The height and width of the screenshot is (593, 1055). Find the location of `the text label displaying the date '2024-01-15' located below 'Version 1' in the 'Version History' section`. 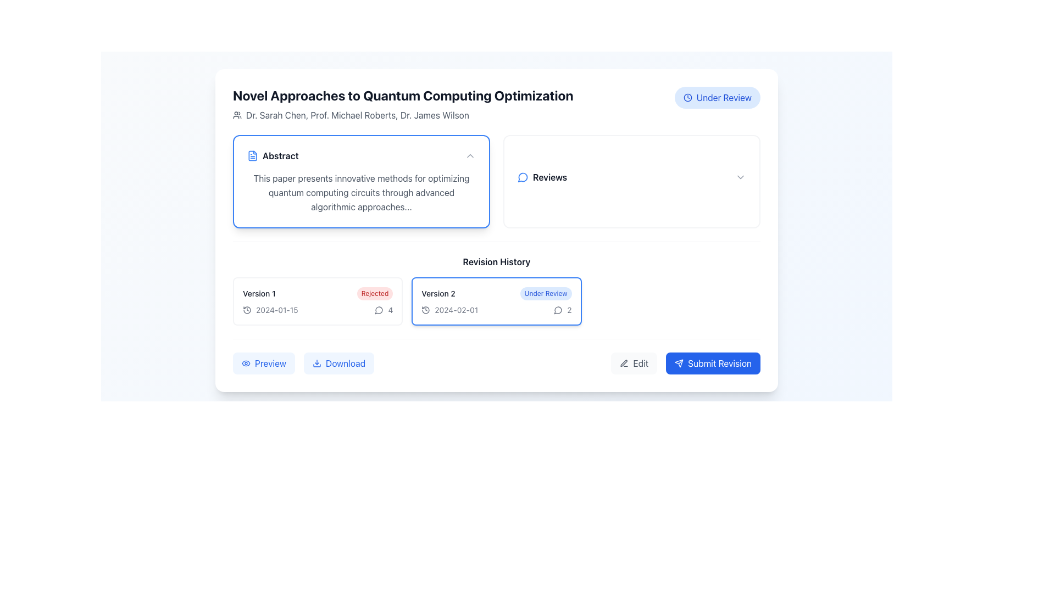

the text label displaying the date '2024-01-15' located below 'Version 1' in the 'Version History' section is located at coordinates (277, 310).